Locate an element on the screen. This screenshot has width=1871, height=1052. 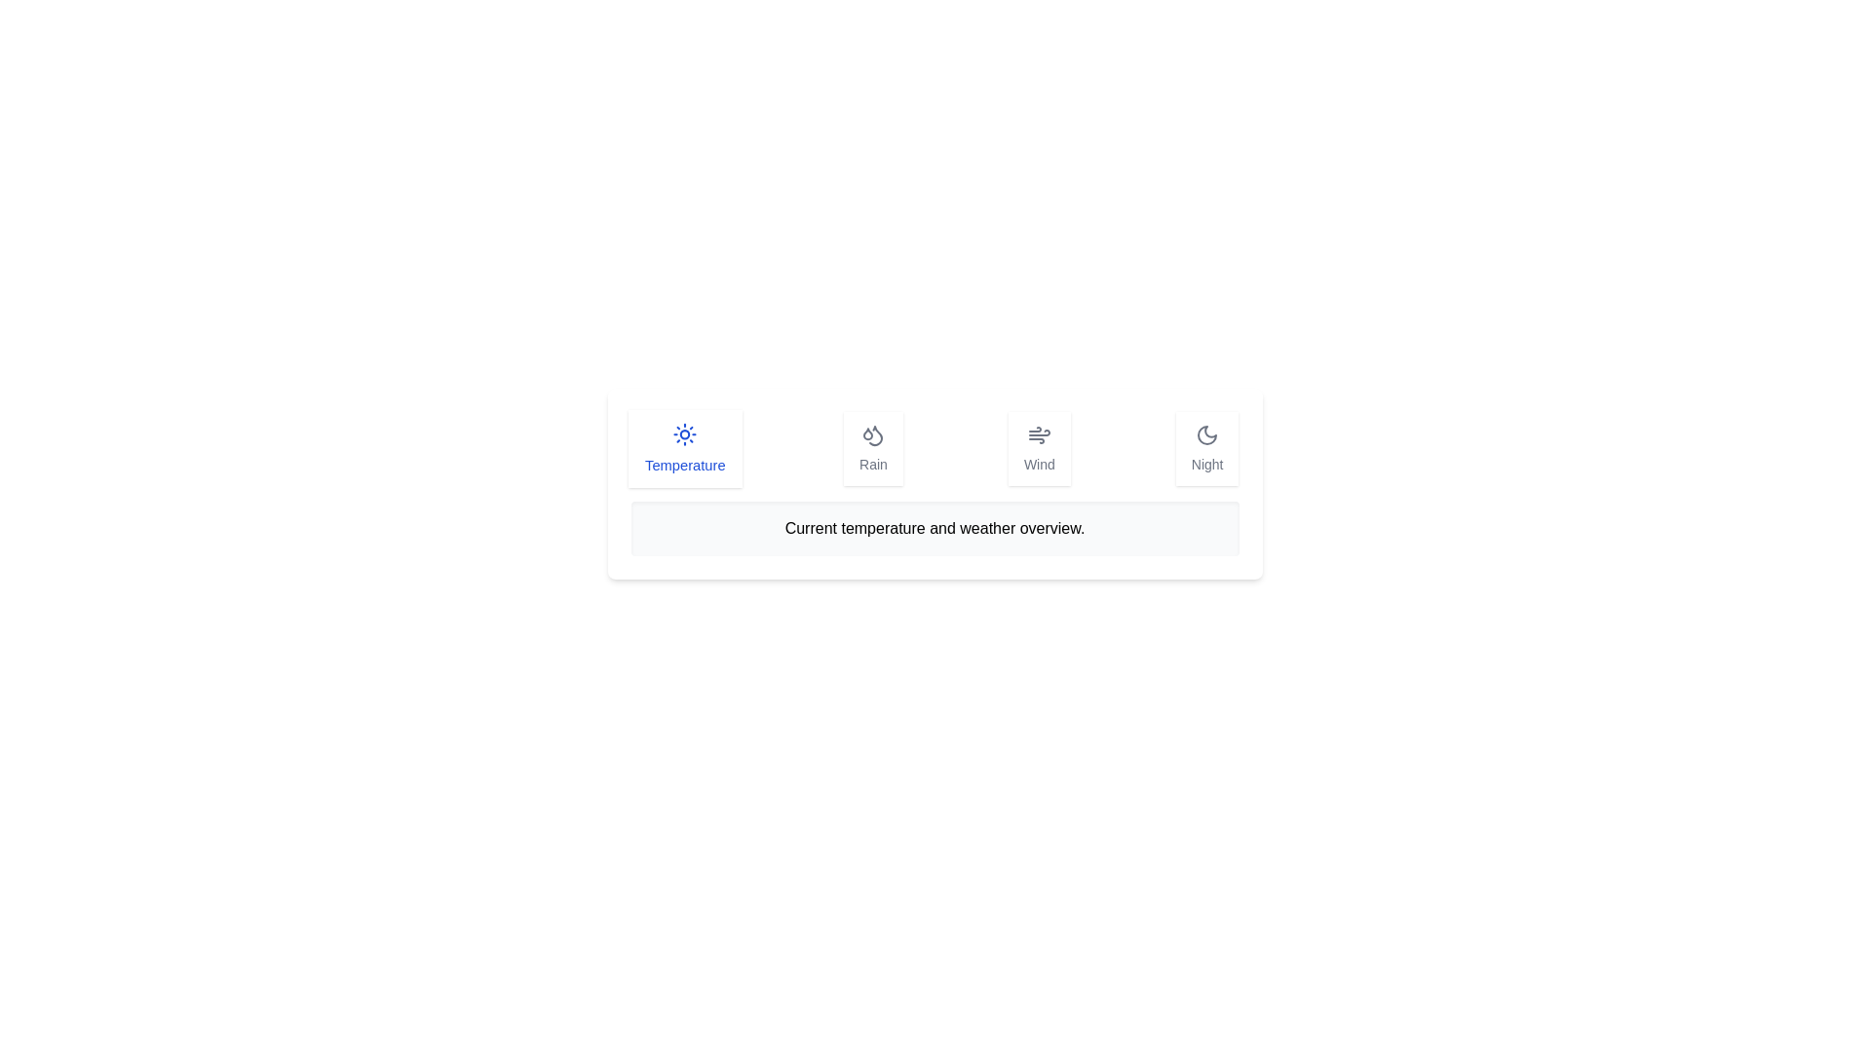
the 'Temperature' text label, which is styled with a medium font size and blue color, located centrally at the bottom of the leftmost card under the sun icon is located at coordinates (684, 465).